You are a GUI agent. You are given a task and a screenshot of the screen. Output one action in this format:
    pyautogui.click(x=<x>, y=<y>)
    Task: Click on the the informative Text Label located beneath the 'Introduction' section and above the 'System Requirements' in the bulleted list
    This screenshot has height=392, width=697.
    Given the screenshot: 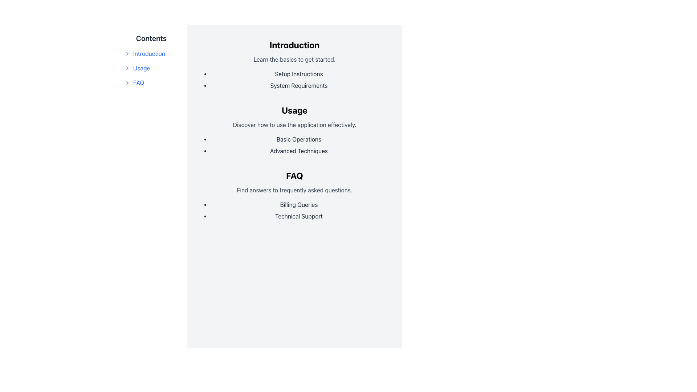 What is the action you would take?
    pyautogui.click(x=299, y=74)
    